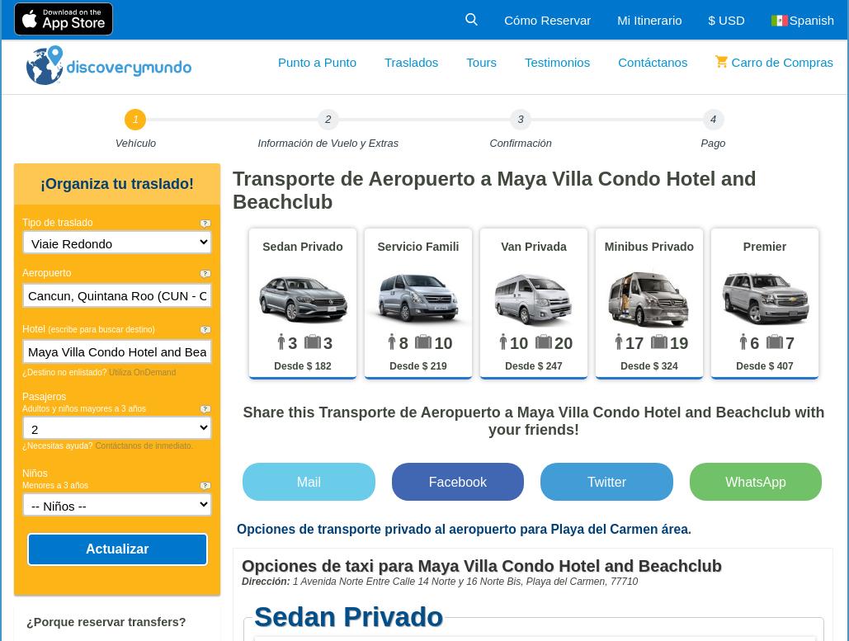  I want to click on 'Tipo de traslado', so click(57, 223).